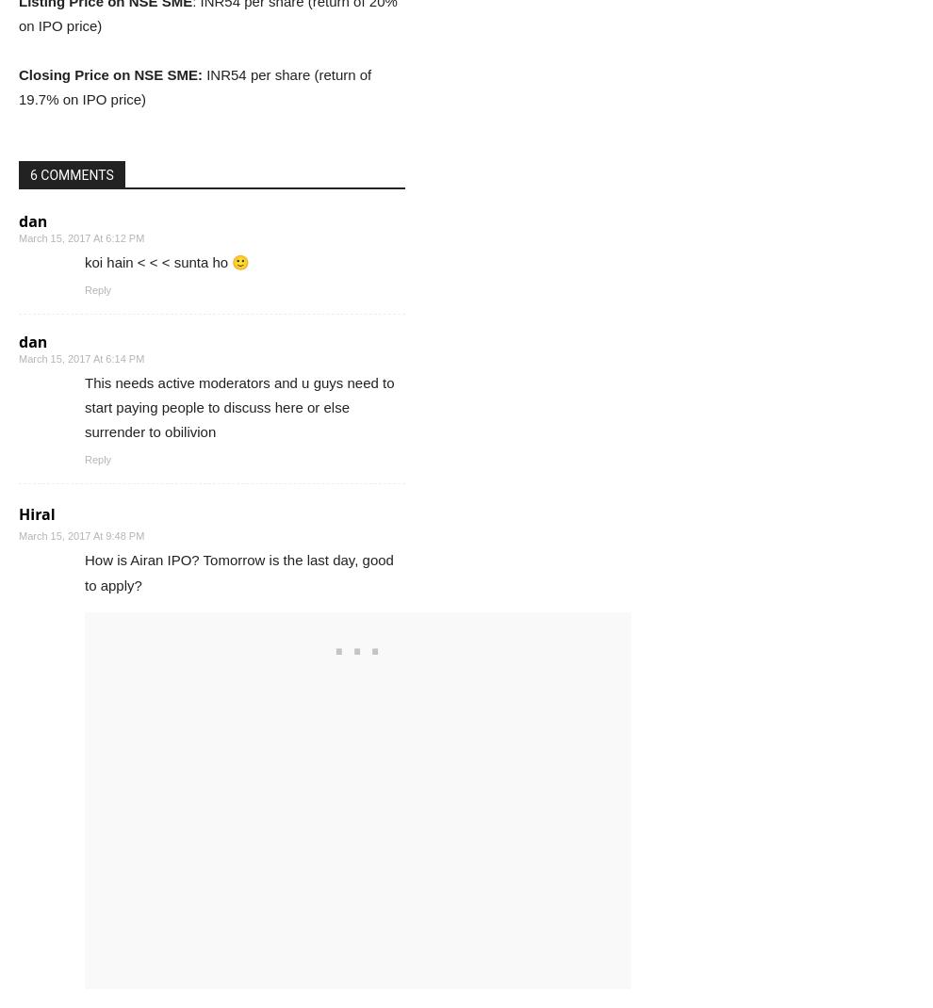 This screenshot has height=1008, width=933. I want to click on 'This needs active moderators and u guys need to start paying people to discuss here or else surrender to obilivion', so click(239, 406).